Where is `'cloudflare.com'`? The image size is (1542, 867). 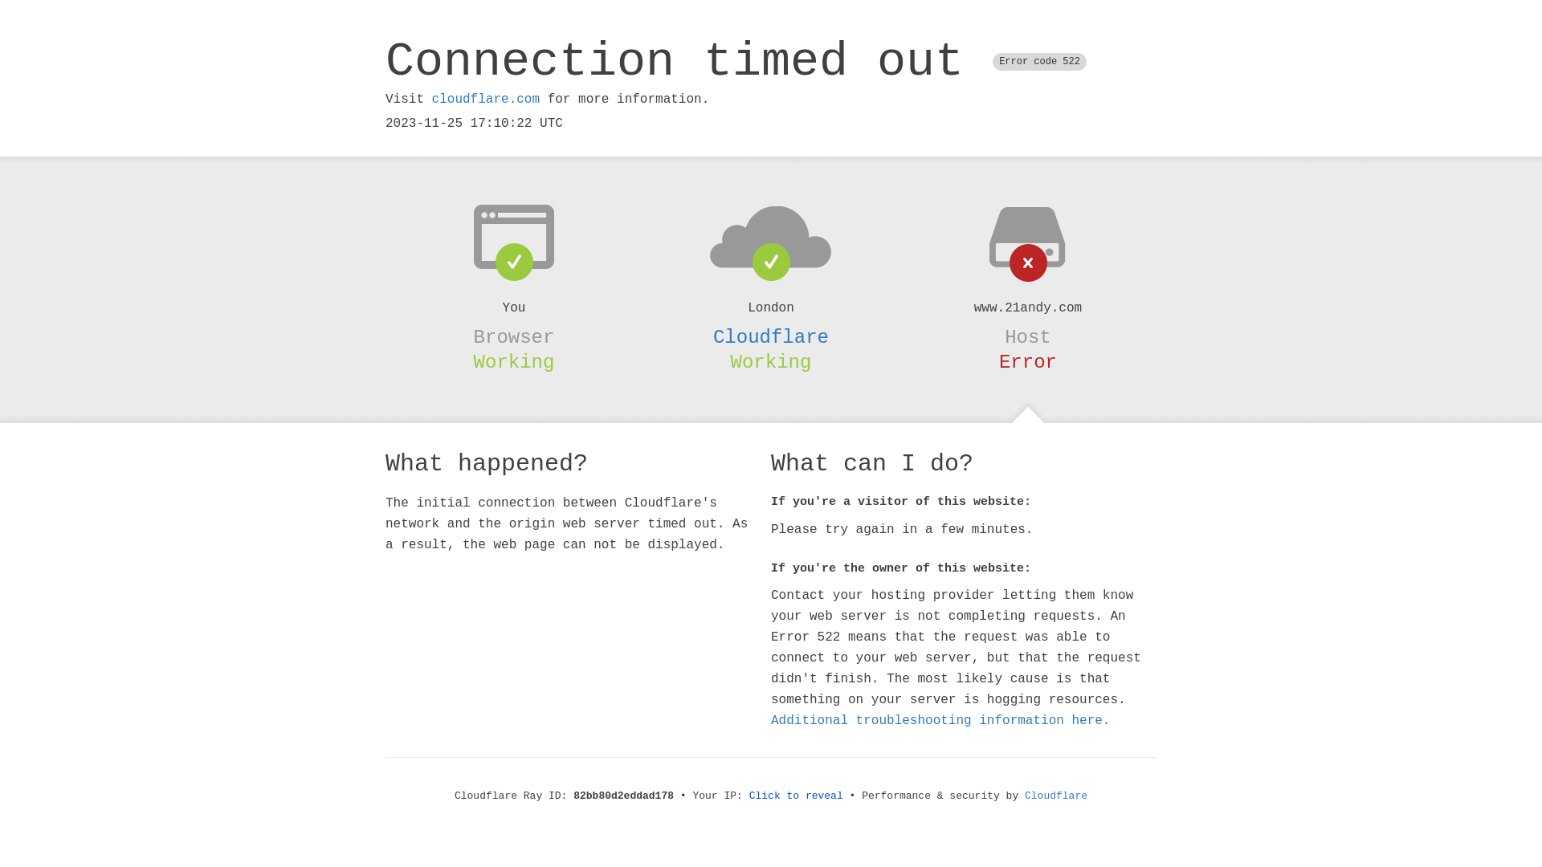
'cloudflare.com' is located at coordinates (431, 99).